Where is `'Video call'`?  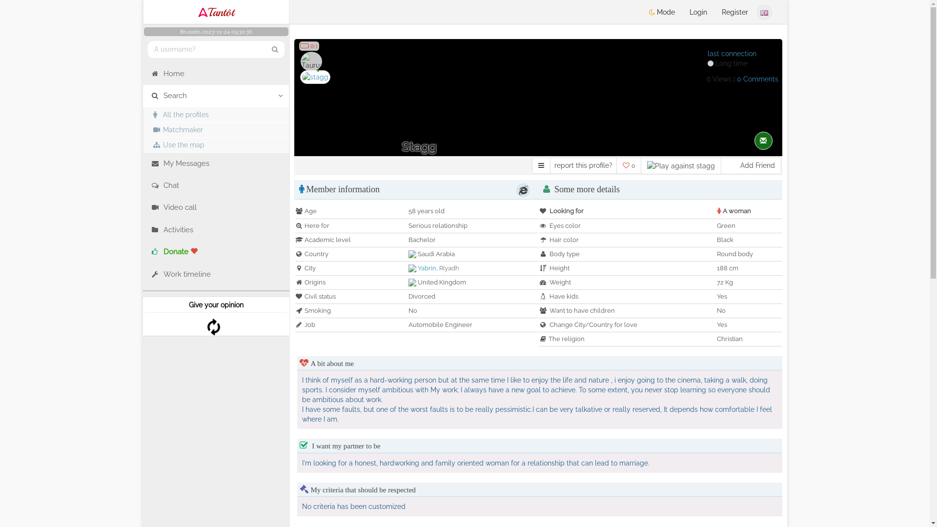
'Video call' is located at coordinates (215, 207).